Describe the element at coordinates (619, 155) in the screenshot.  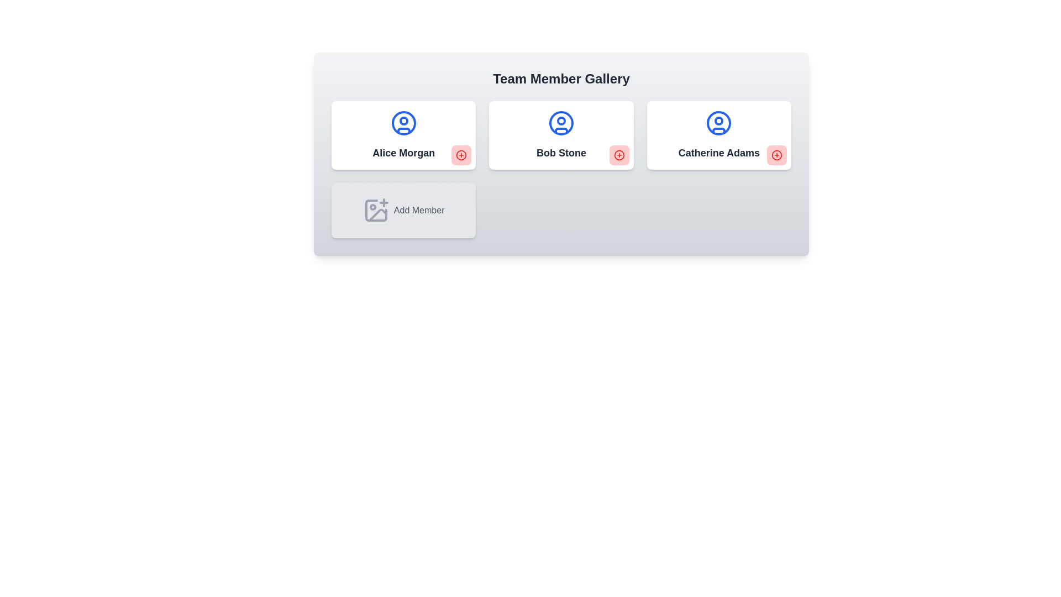
I see `the action trigger button located in the bottom-right corner of the card representing 'Bob Stone'` at that location.